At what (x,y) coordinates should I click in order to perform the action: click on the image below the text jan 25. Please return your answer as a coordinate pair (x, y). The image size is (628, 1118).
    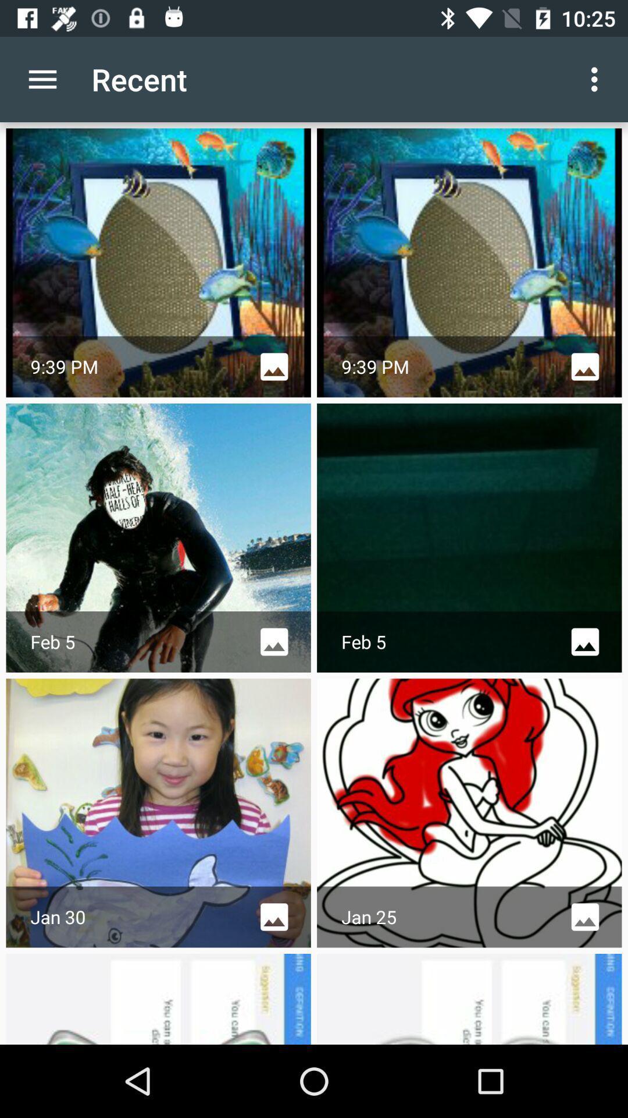
    Looking at the image, I should click on (469, 998).